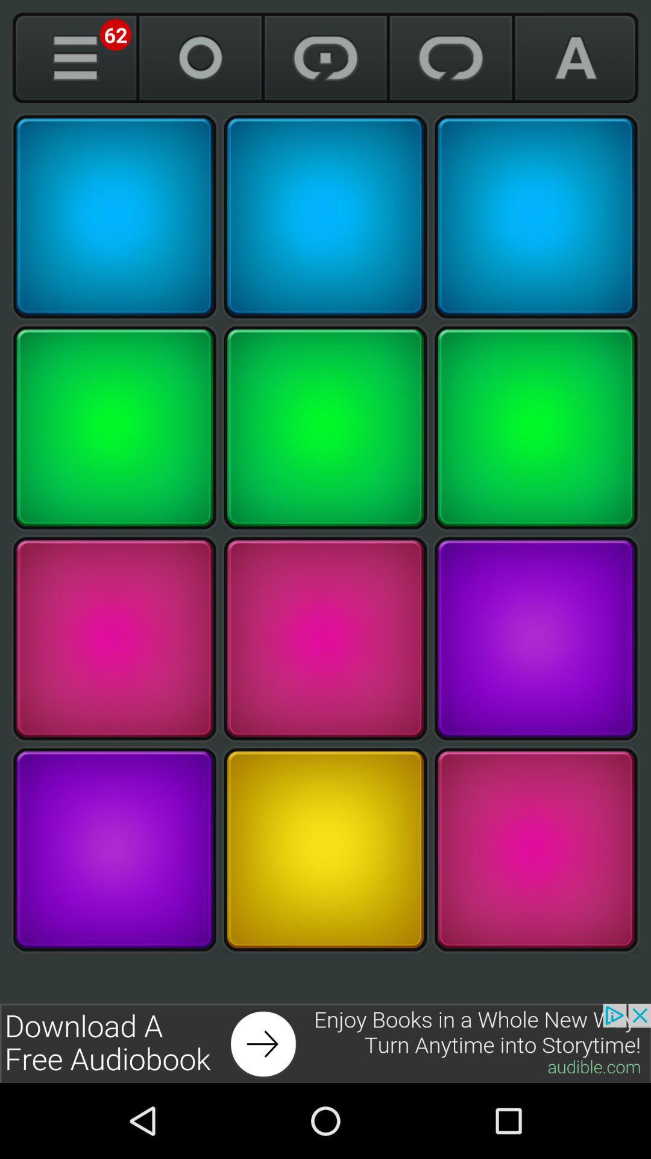  I want to click on click the grid, so click(535, 217).